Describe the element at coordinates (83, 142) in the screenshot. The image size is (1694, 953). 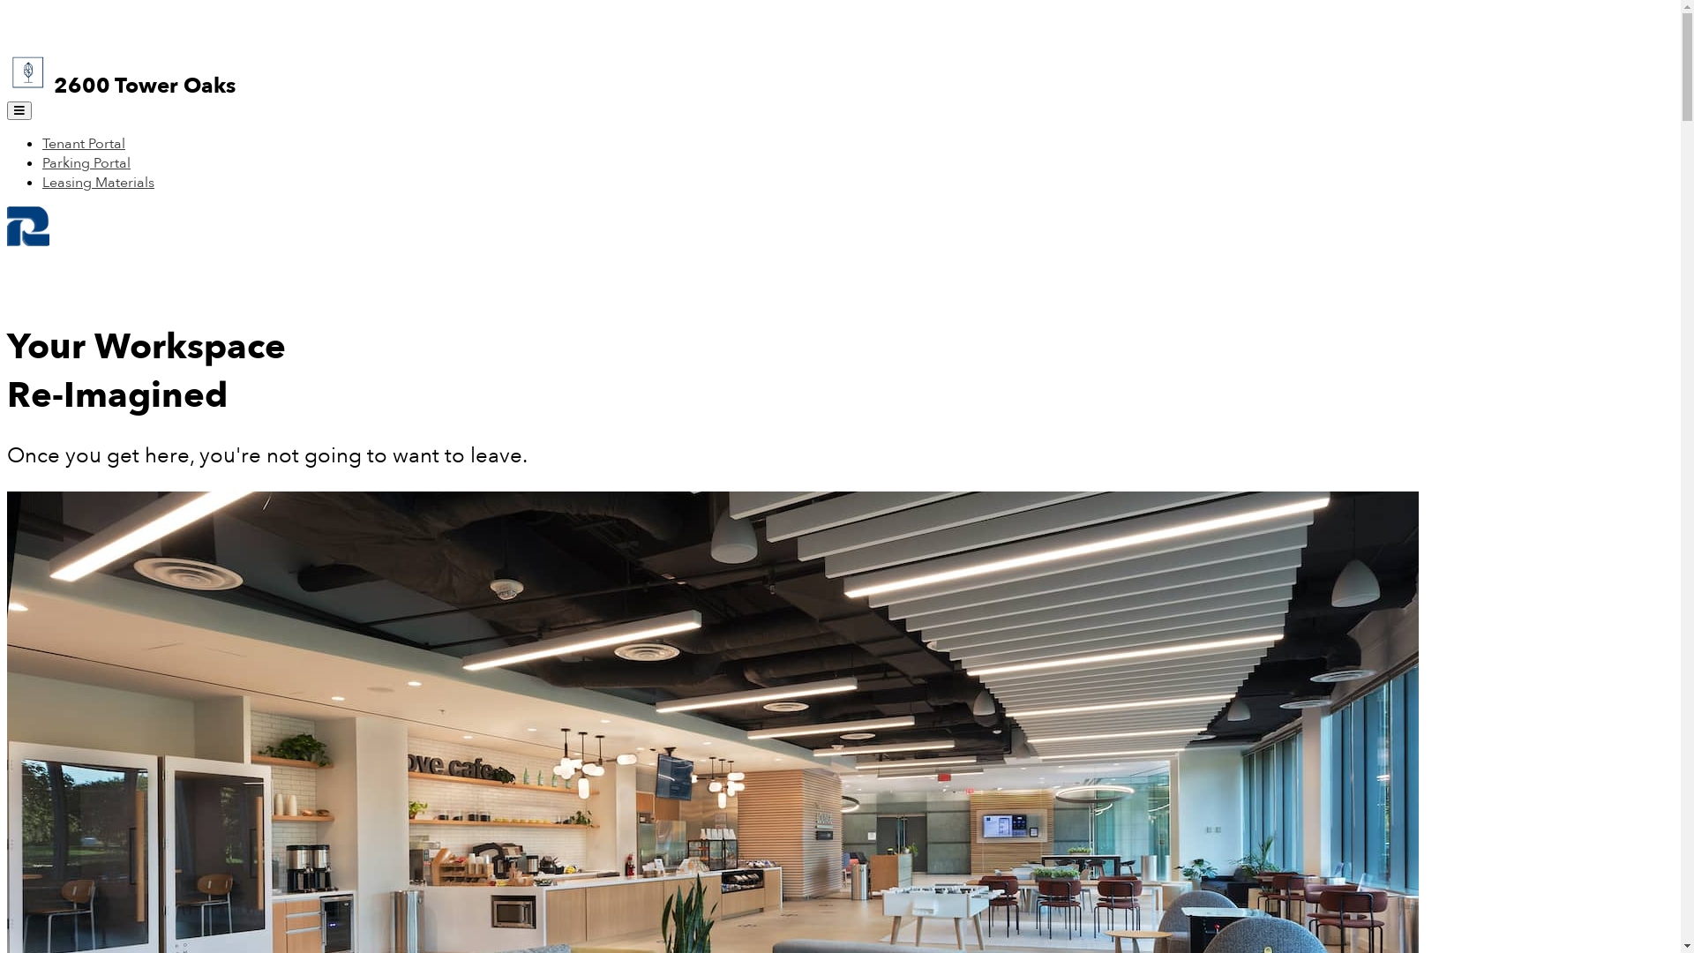
I see `'Tenant Portal'` at that location.